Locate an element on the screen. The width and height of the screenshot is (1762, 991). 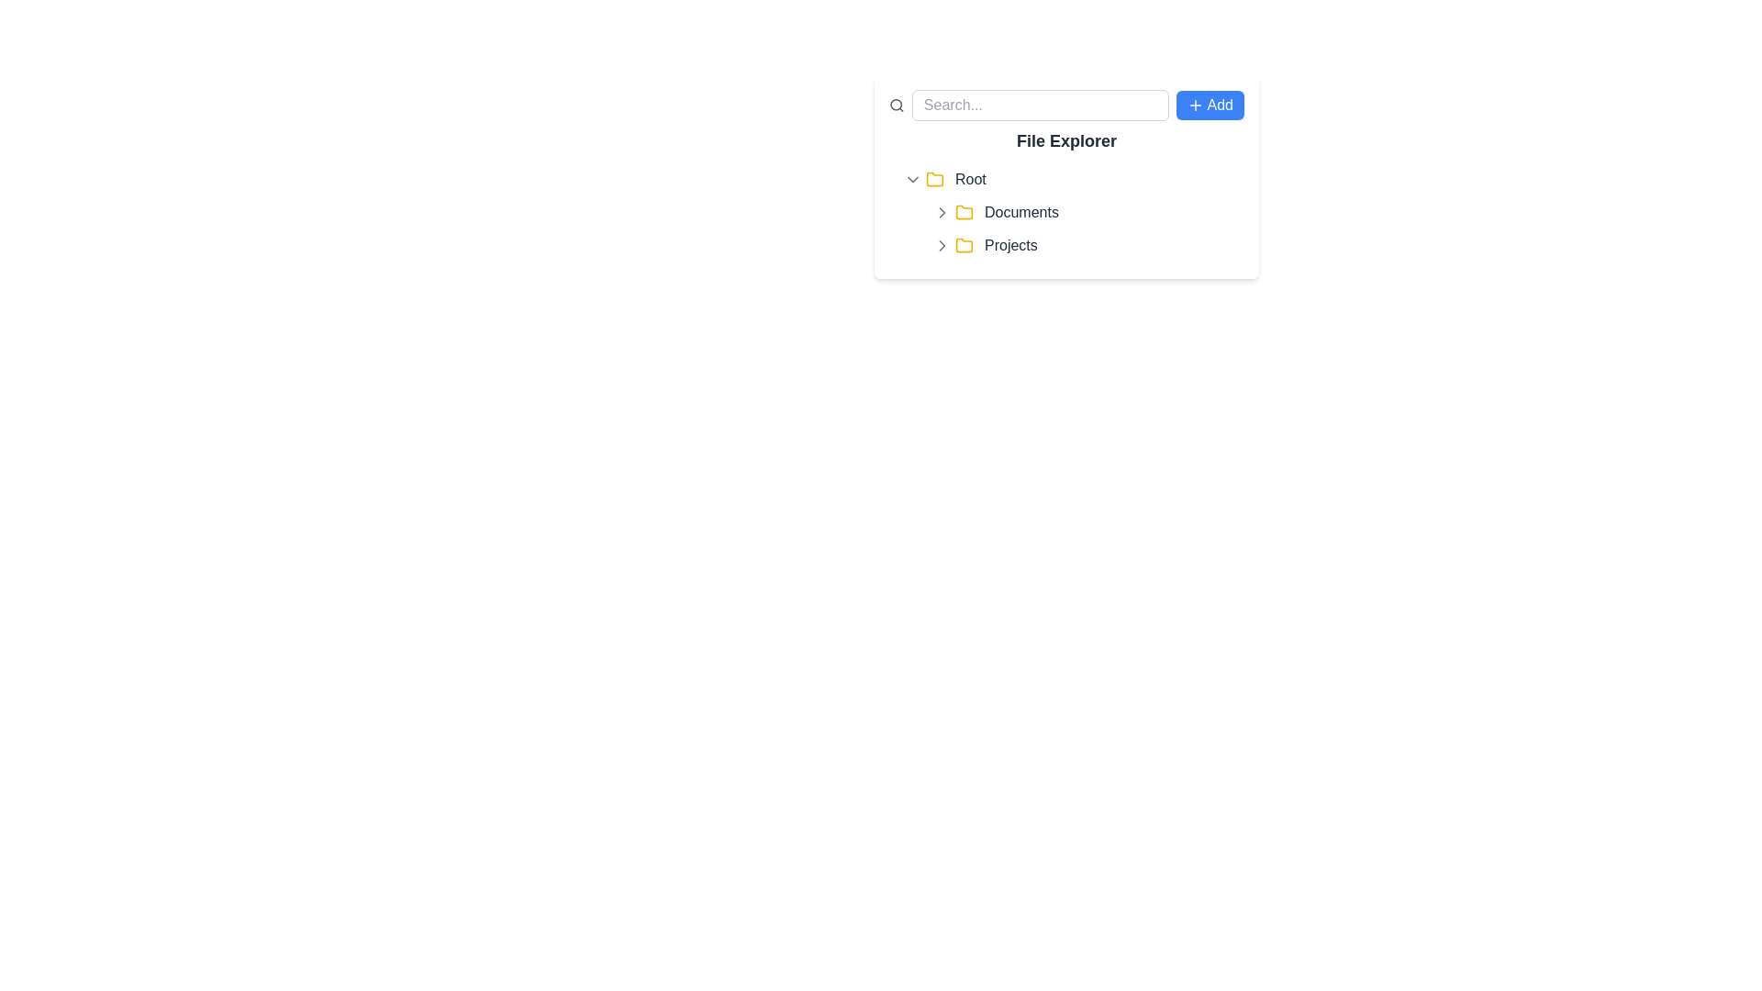
the plus sign icon located inside the 'Add' button, which is styled as a blue rounded rectangle is located at coordinates (1194, 106).